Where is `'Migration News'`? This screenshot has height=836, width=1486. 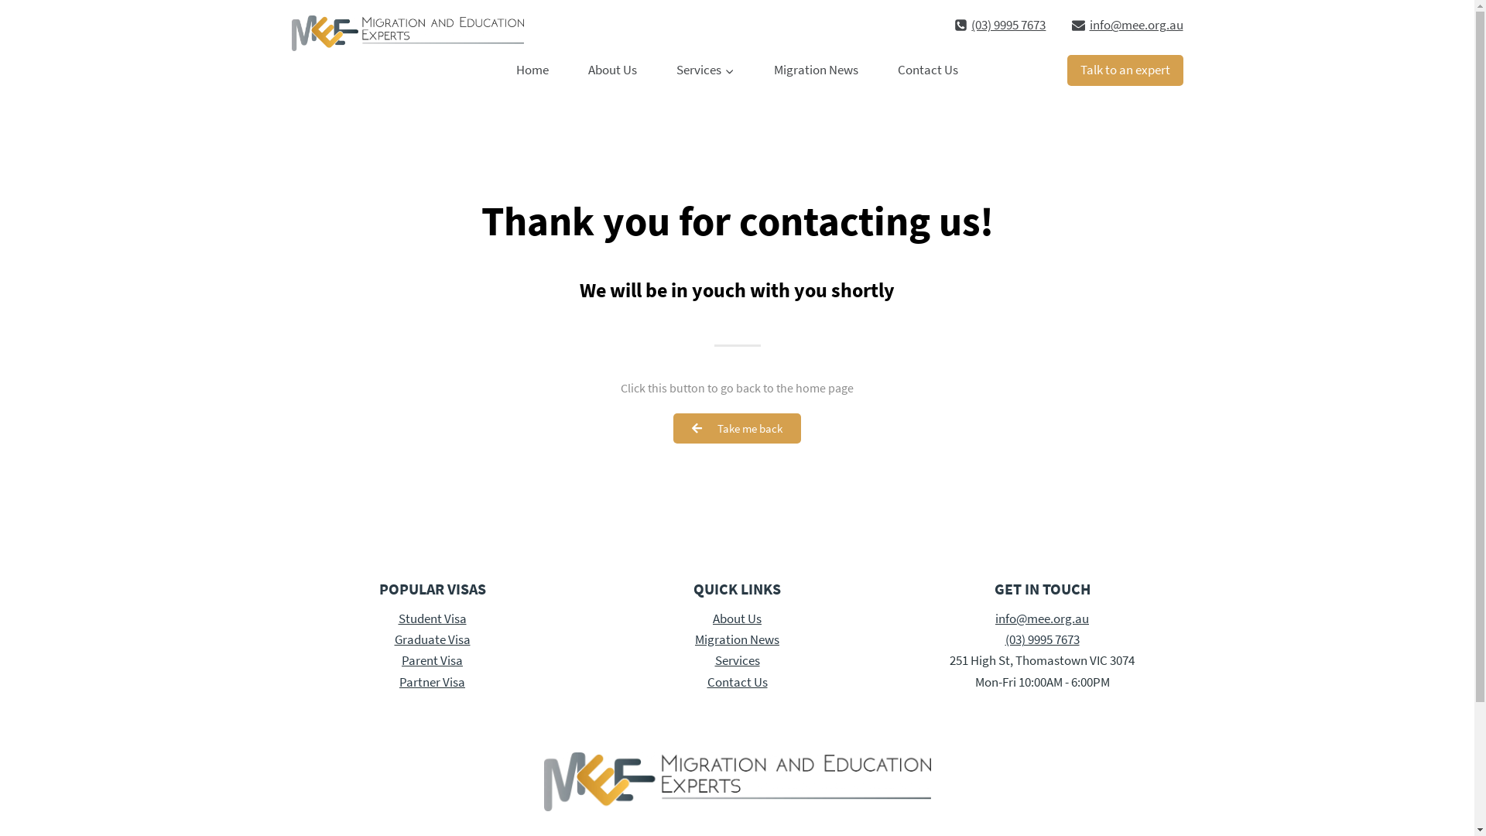
'Migration News' is located at coordinates (736, 639).